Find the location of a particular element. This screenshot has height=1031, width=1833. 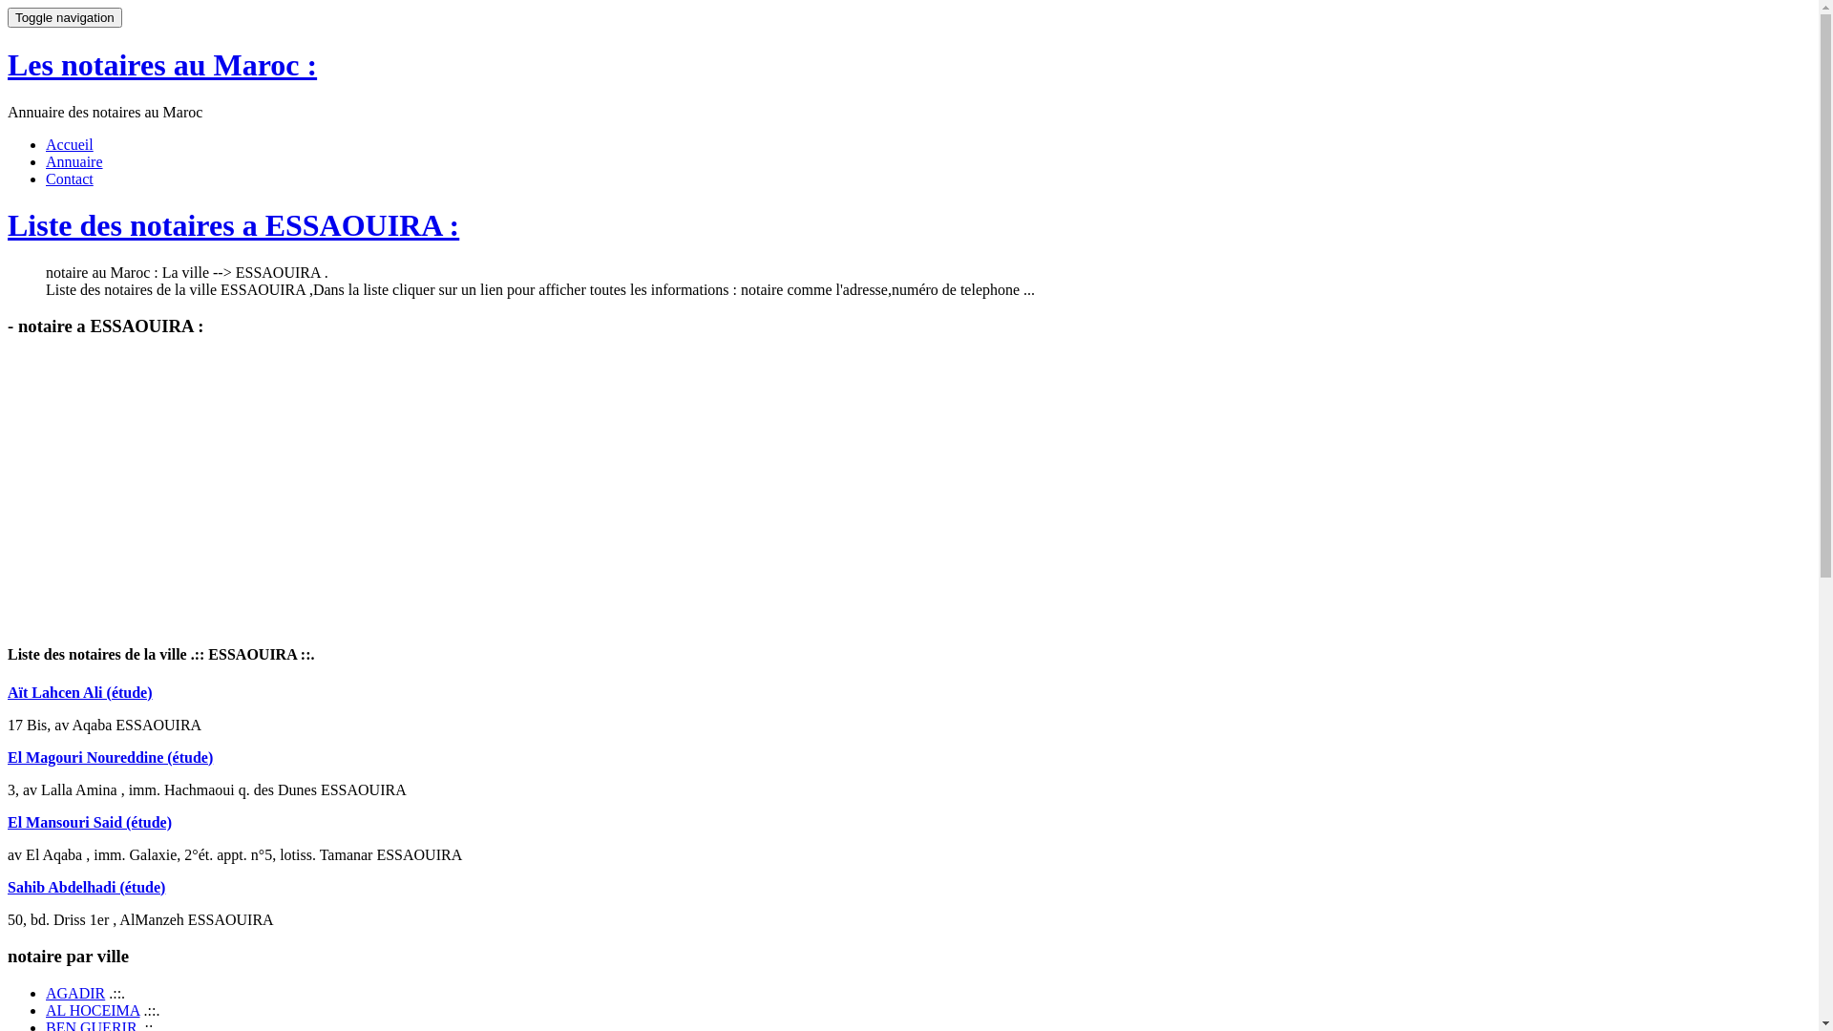

'Accueil' is located at coordinates (69, 143).